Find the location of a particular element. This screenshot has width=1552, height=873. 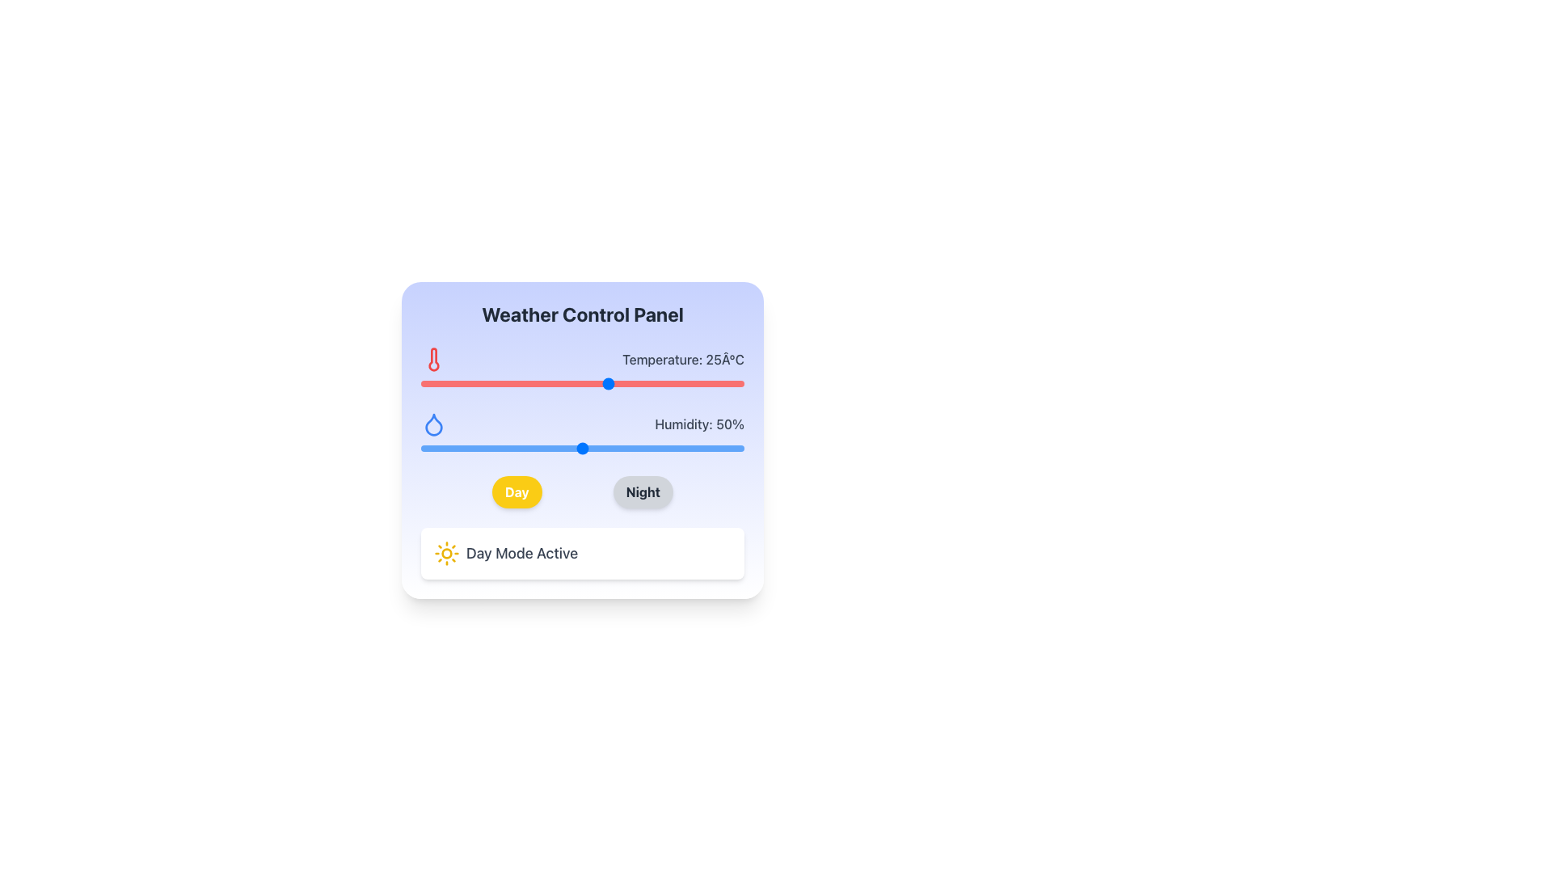

the static display element that features a red thermometer icon and the text label 'Temperature: 25°C', positioned above the horizontal slider control in the Weather Control Panel is located at coordinates (582, 358).